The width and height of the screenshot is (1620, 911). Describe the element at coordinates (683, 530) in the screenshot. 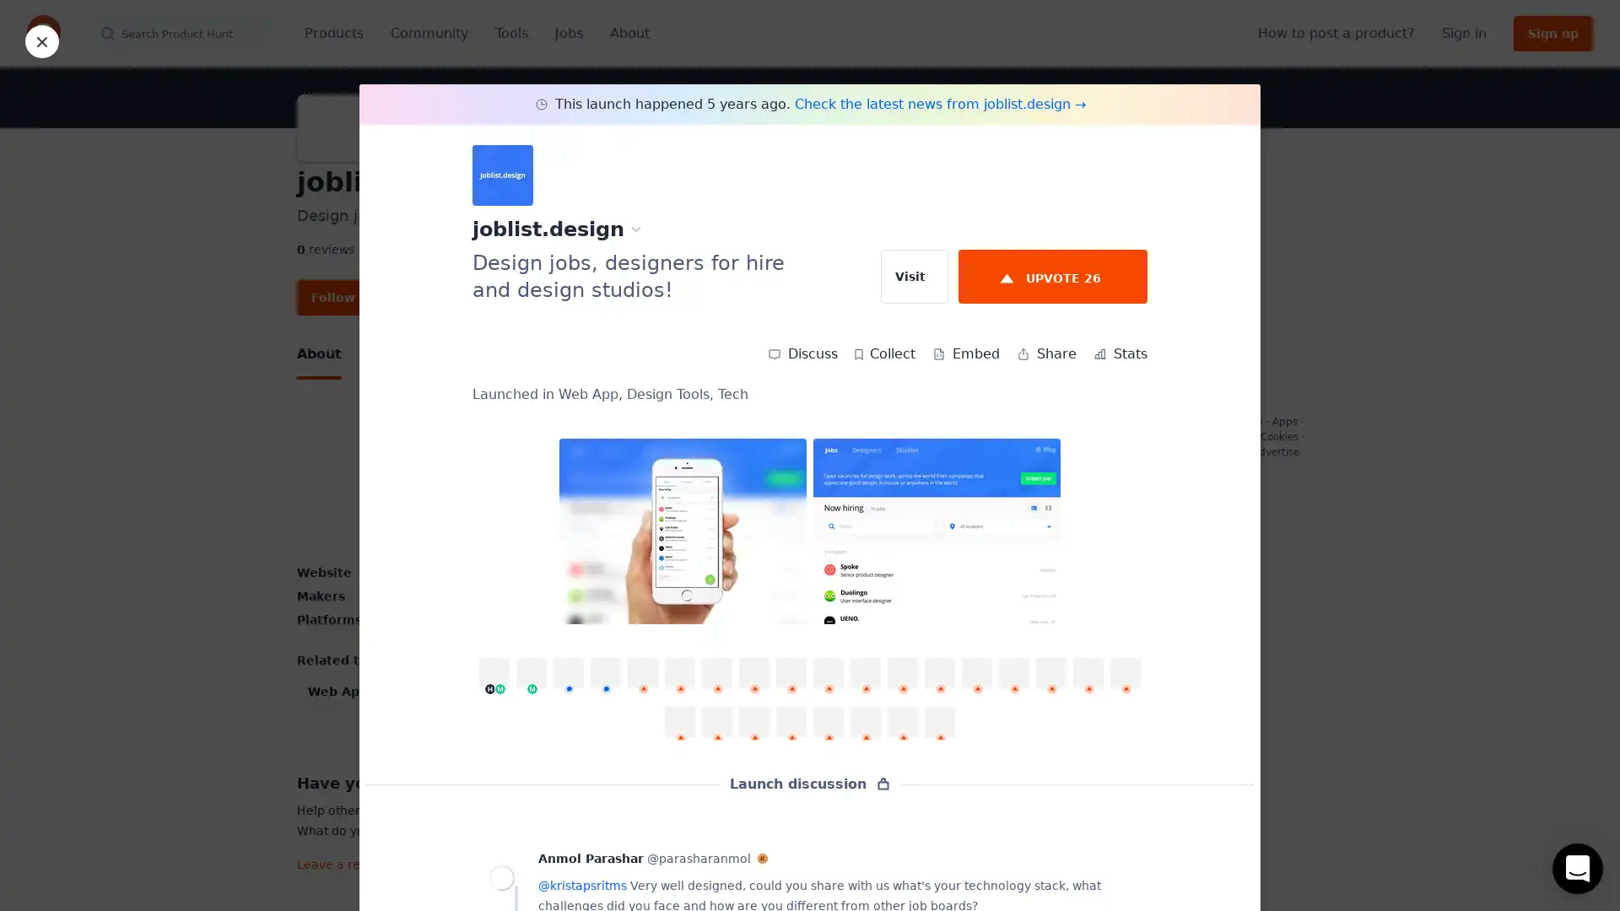

I see `joblist.design gallery image` at that location.